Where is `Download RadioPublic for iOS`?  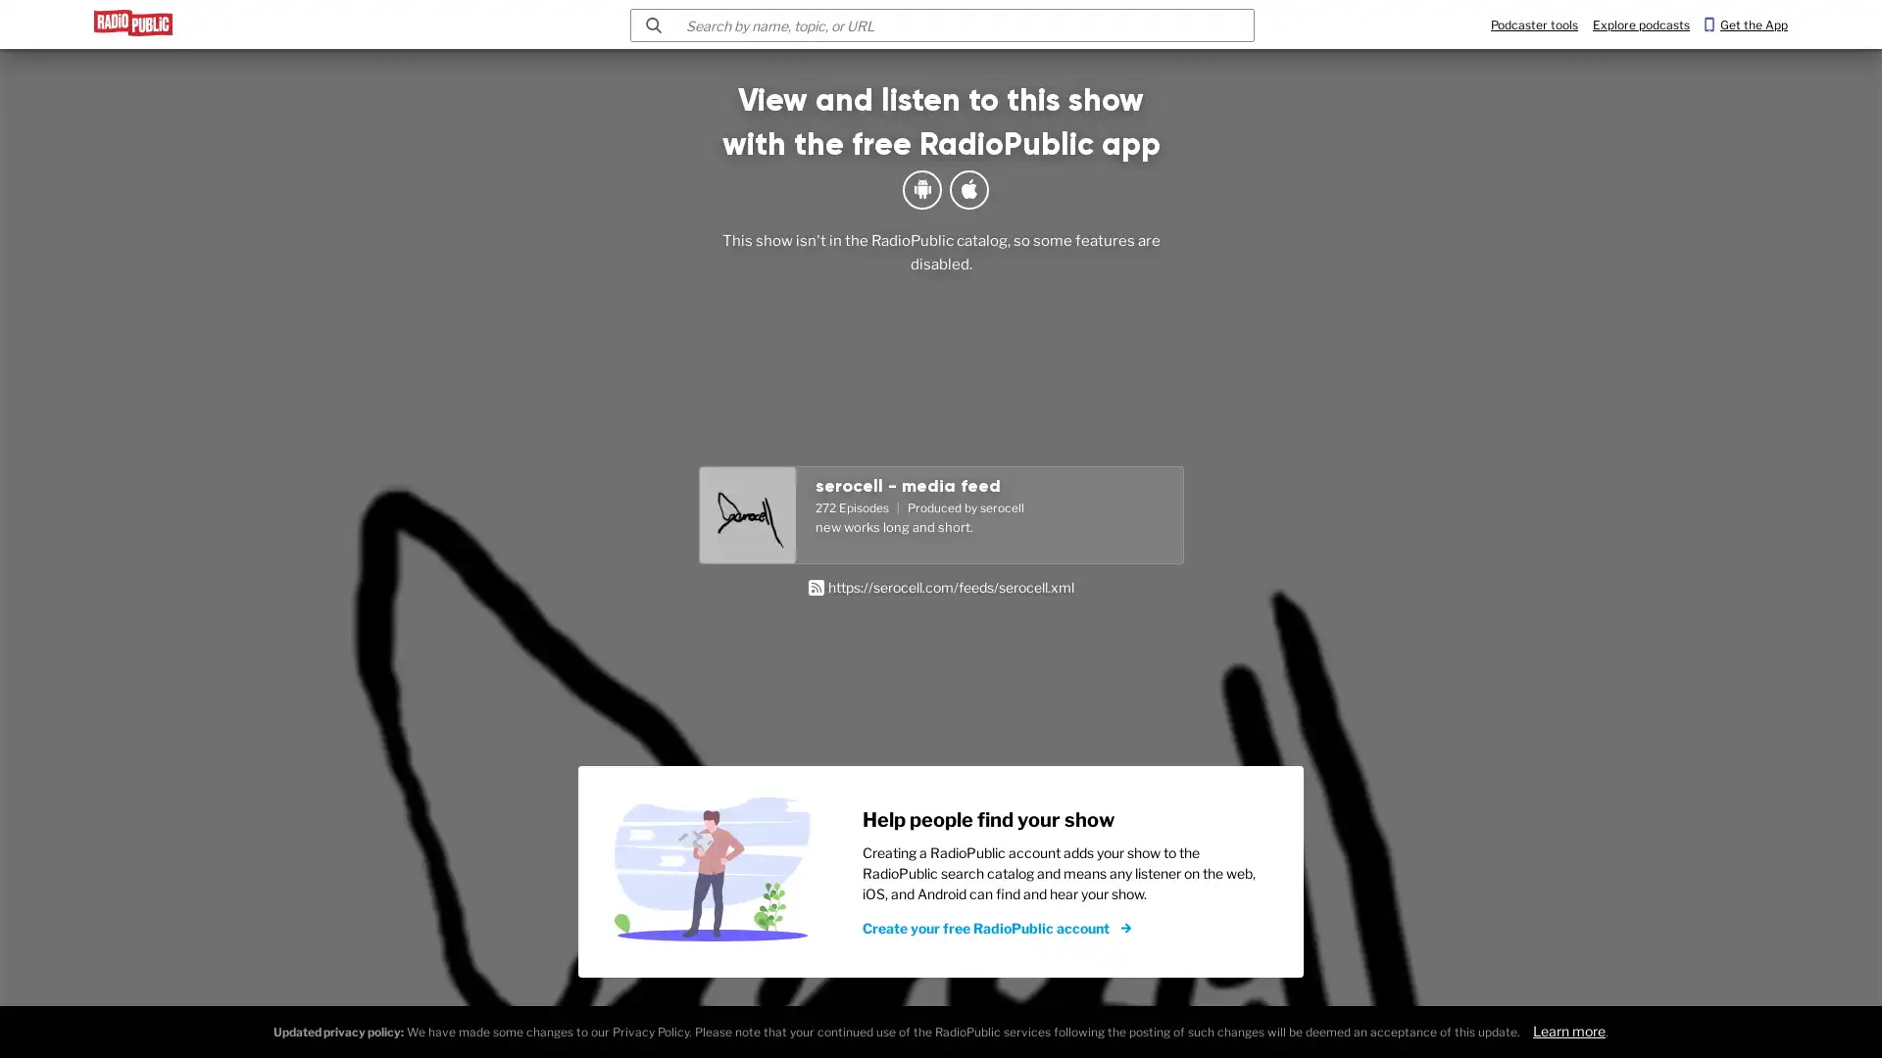 Download RadioPublic for iOS is located at coordinates (968, 189).